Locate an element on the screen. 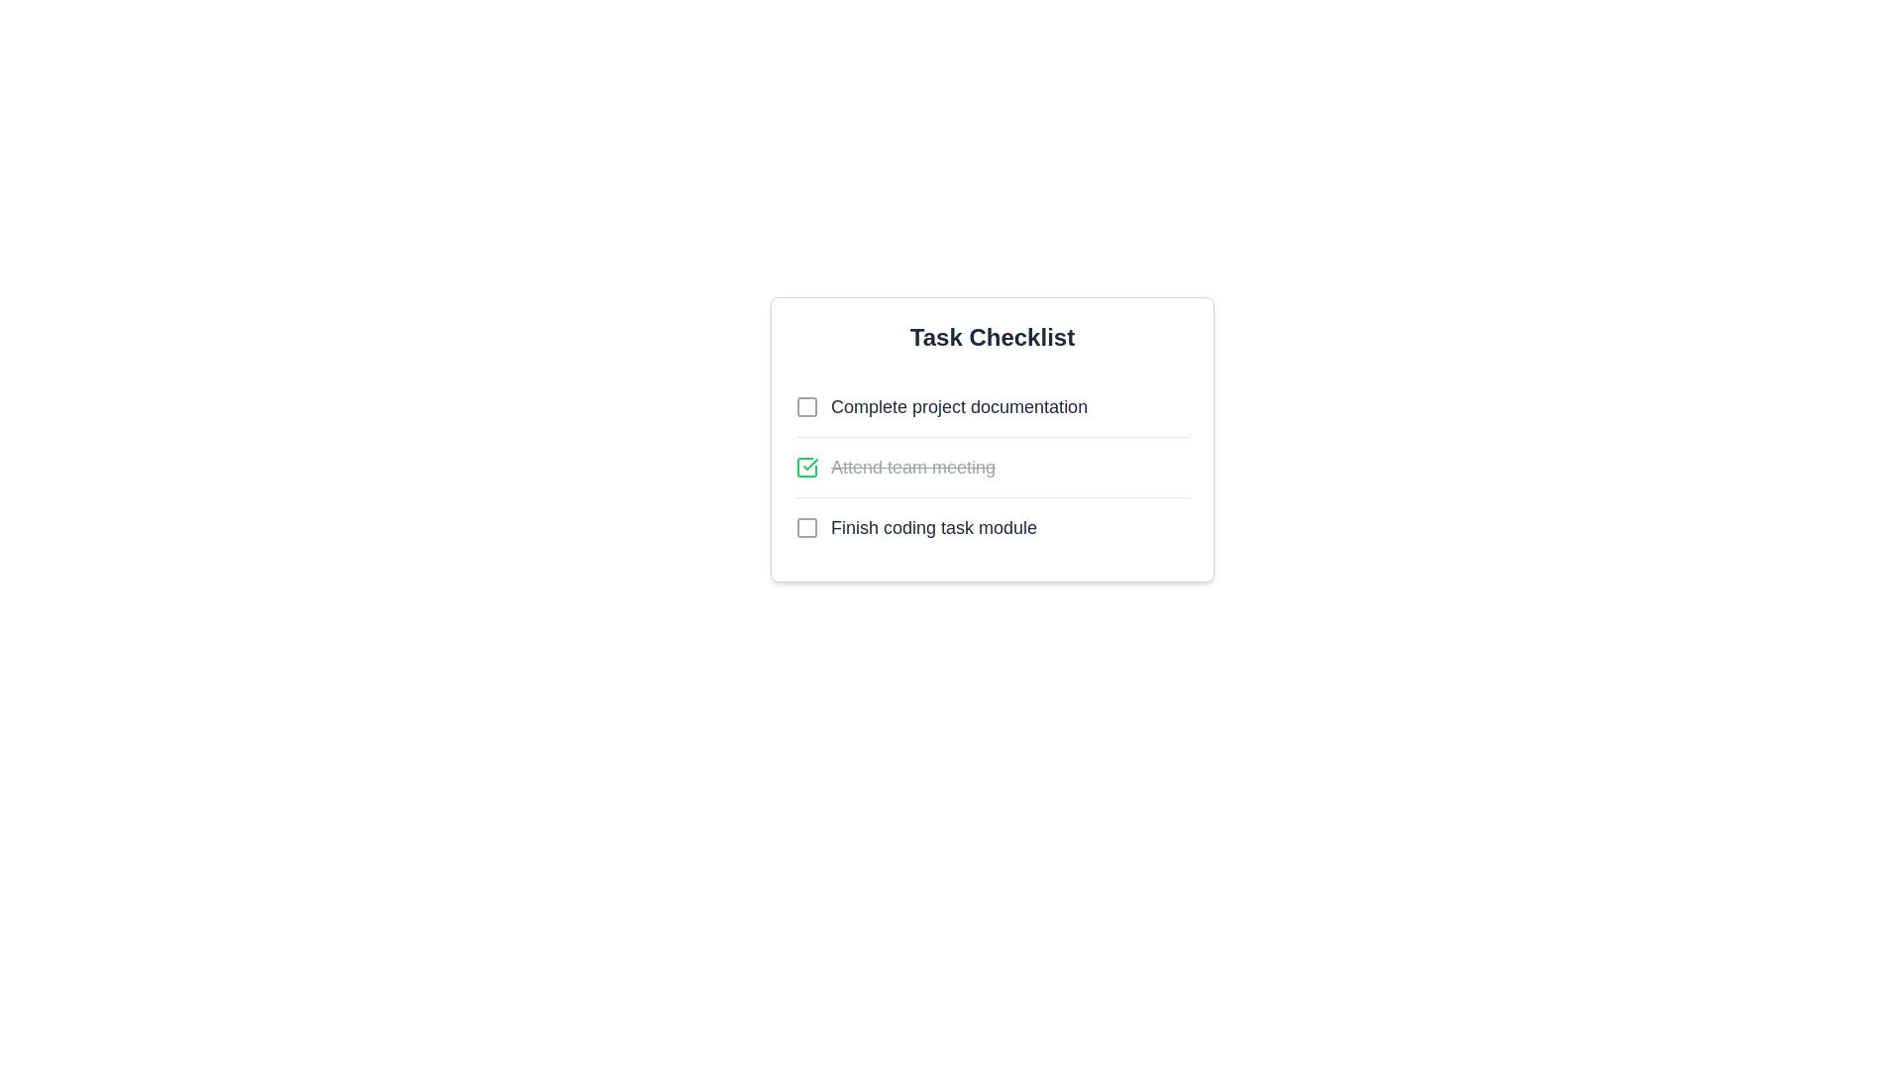  the checkbox-like indicator for the 'Complete project documentation' task is located at coordinates (807, 406).